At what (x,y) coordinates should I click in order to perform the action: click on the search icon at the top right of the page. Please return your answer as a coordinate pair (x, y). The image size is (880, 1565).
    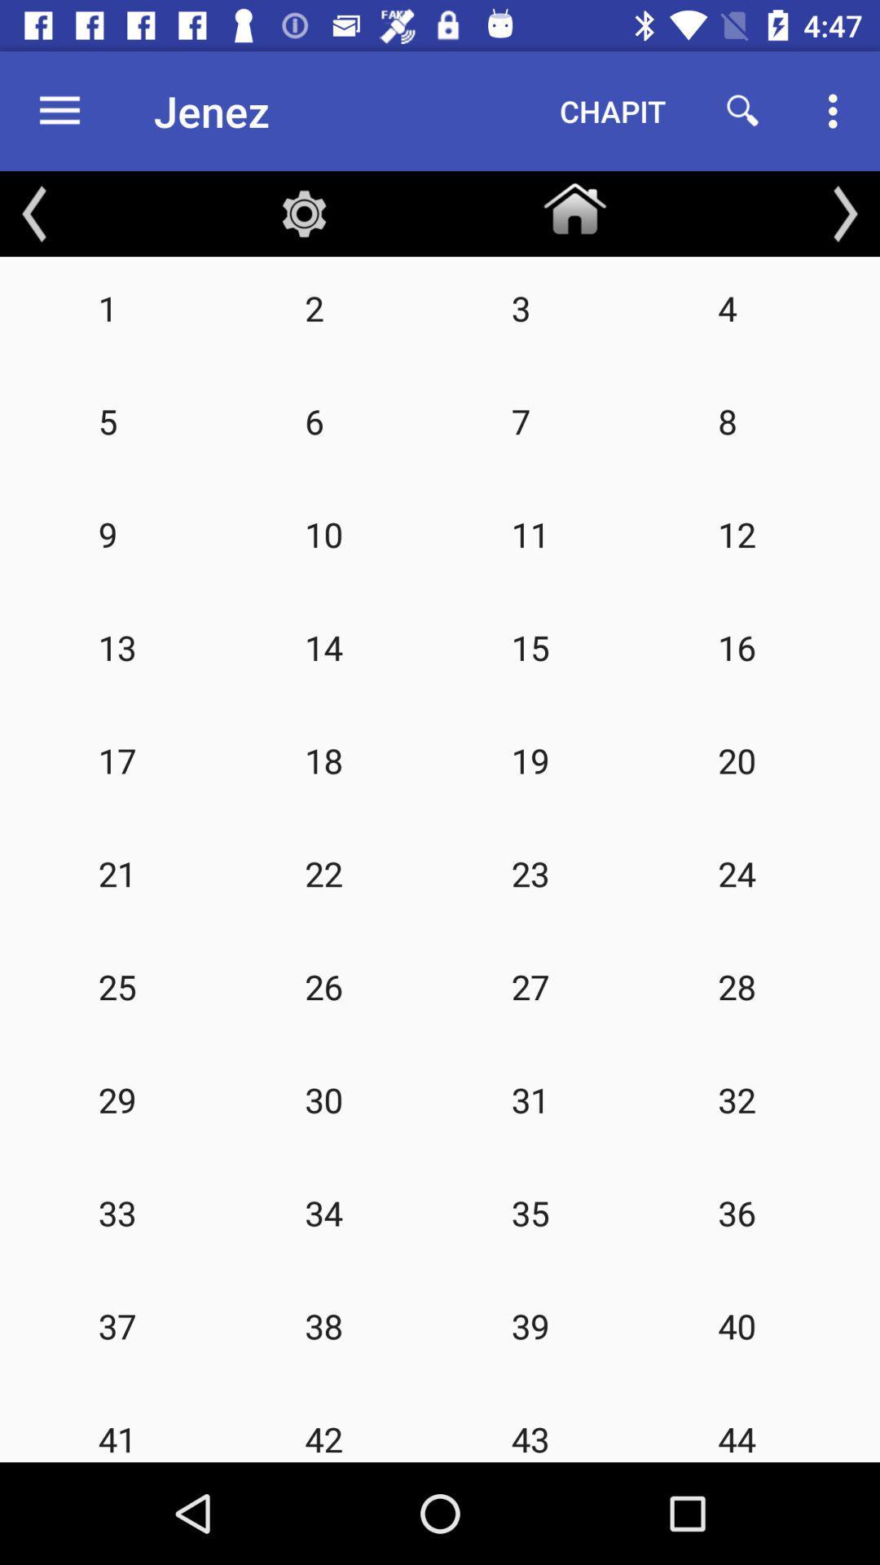
    Looking at the image, I should click on (742, 111).